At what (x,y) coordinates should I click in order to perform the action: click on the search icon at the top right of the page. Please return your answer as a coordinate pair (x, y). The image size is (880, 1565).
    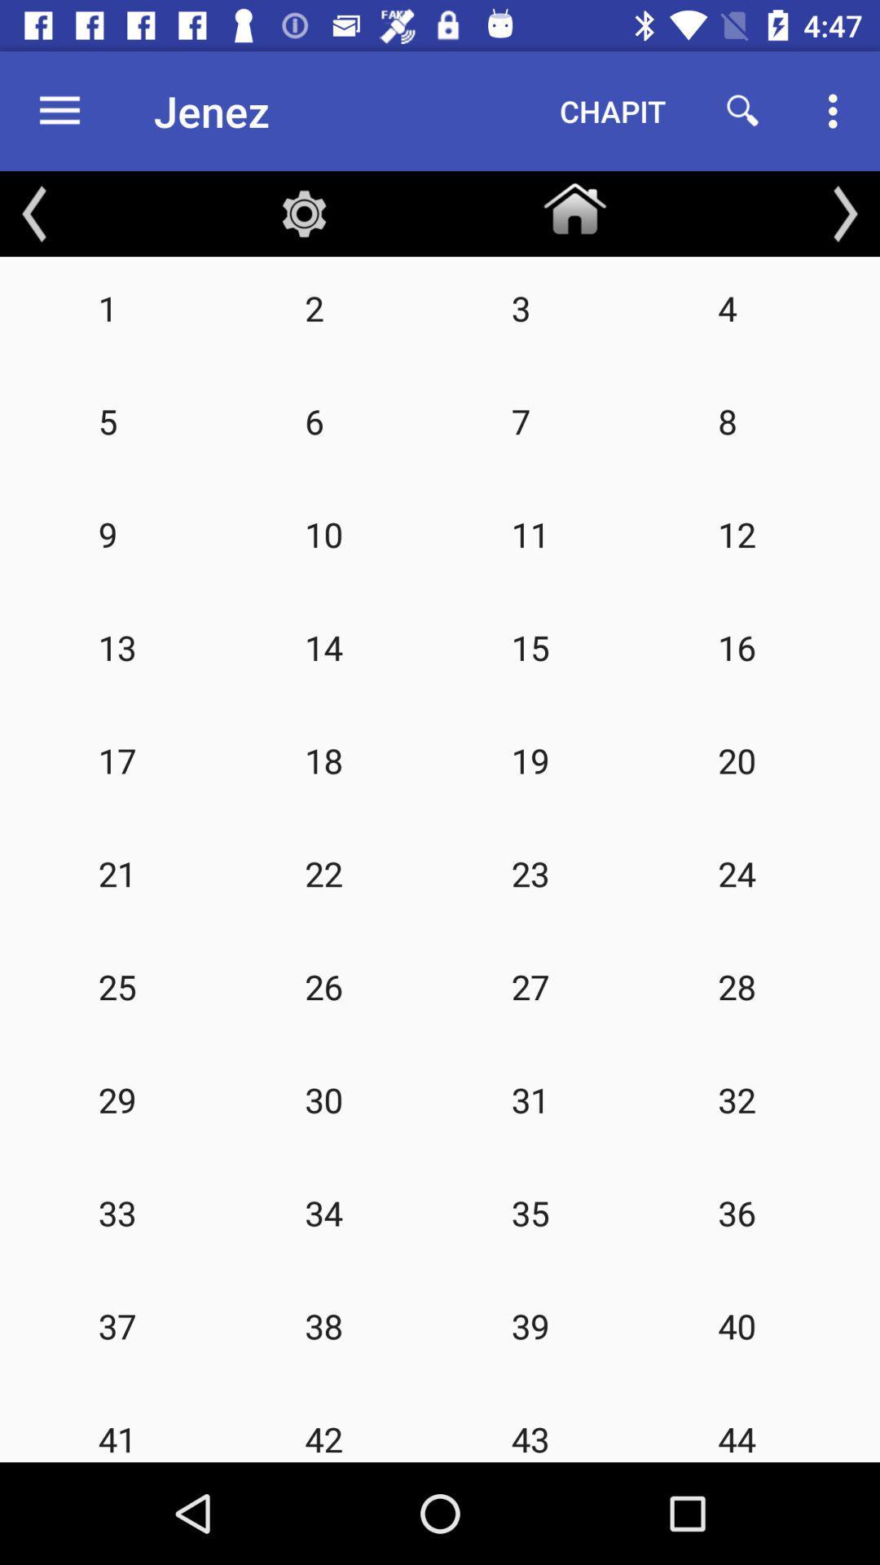
    Looking at the image, I should click on (742, 111).